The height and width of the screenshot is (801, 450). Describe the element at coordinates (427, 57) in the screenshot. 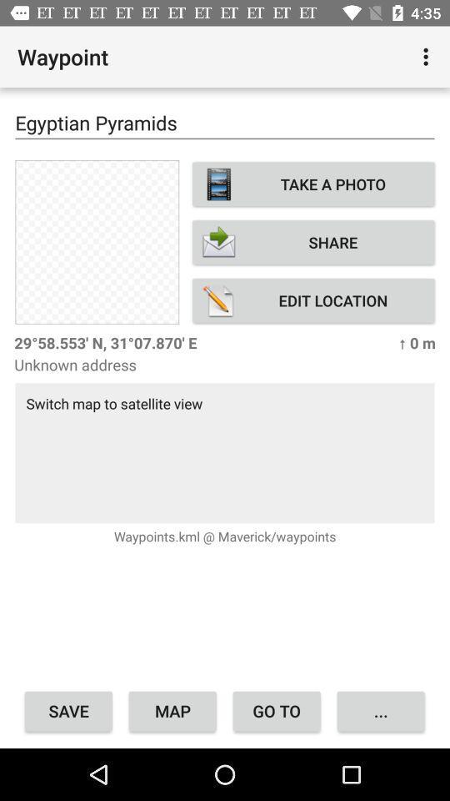

I see `app to the right of the waypoint icon` at that location.